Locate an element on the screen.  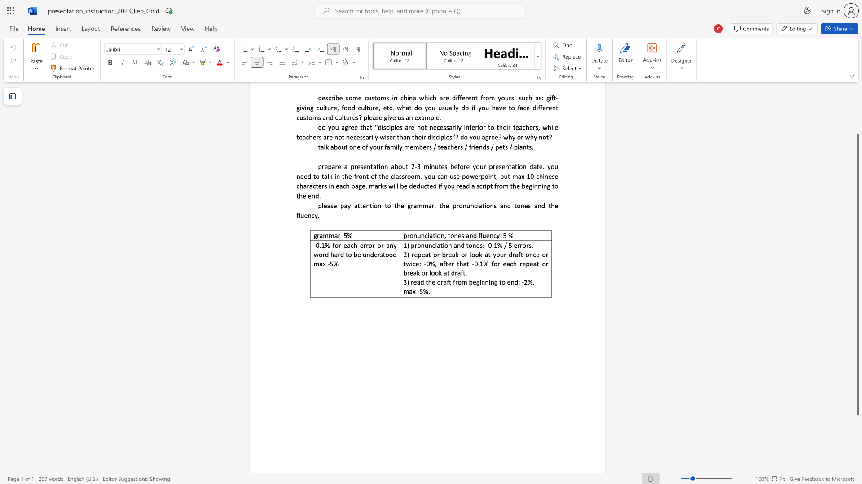
the scrollbar to adjust the page upward is located at coordinates (857, 94).